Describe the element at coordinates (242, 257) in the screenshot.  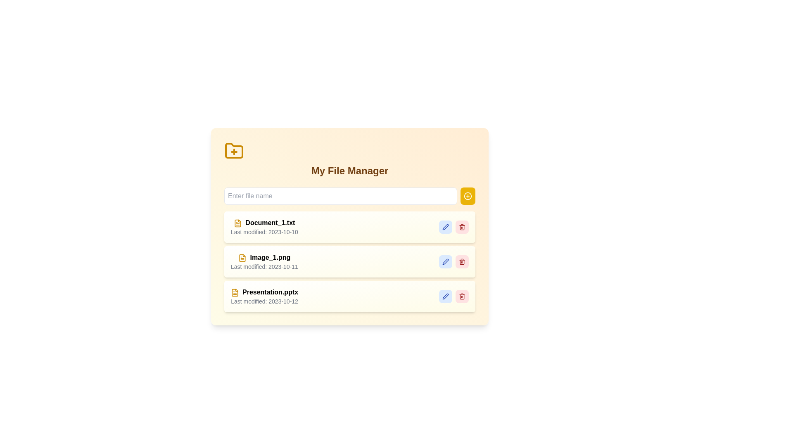
I see `the SVG-based icon representing the file 'Image_1.png' in the file manager interface, located to the immediate left of the corresponding text` at that location.